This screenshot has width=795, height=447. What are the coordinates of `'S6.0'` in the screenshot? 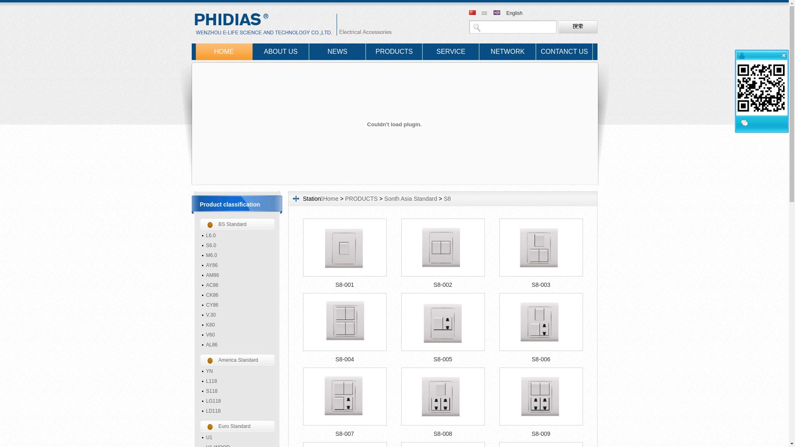 It's located at (237, 245).